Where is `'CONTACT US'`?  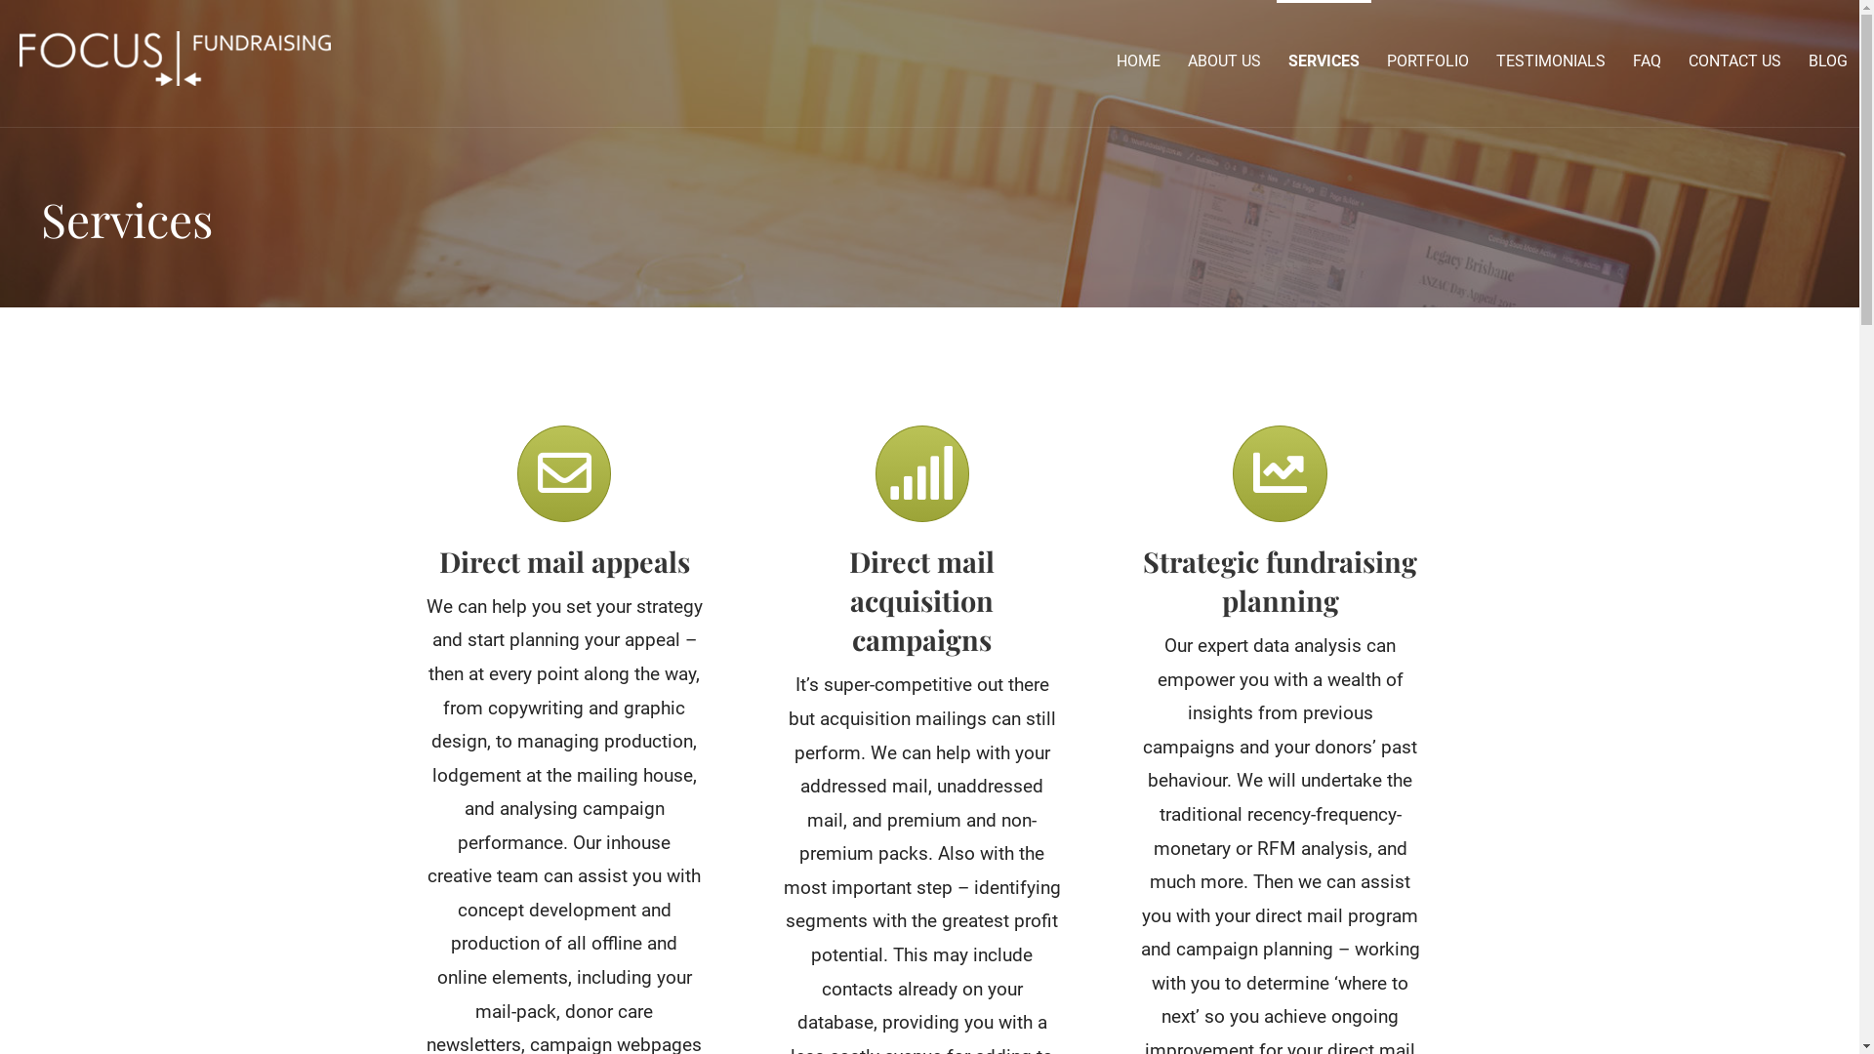
'CONTACT US' is located at coordinates (1734, 60).